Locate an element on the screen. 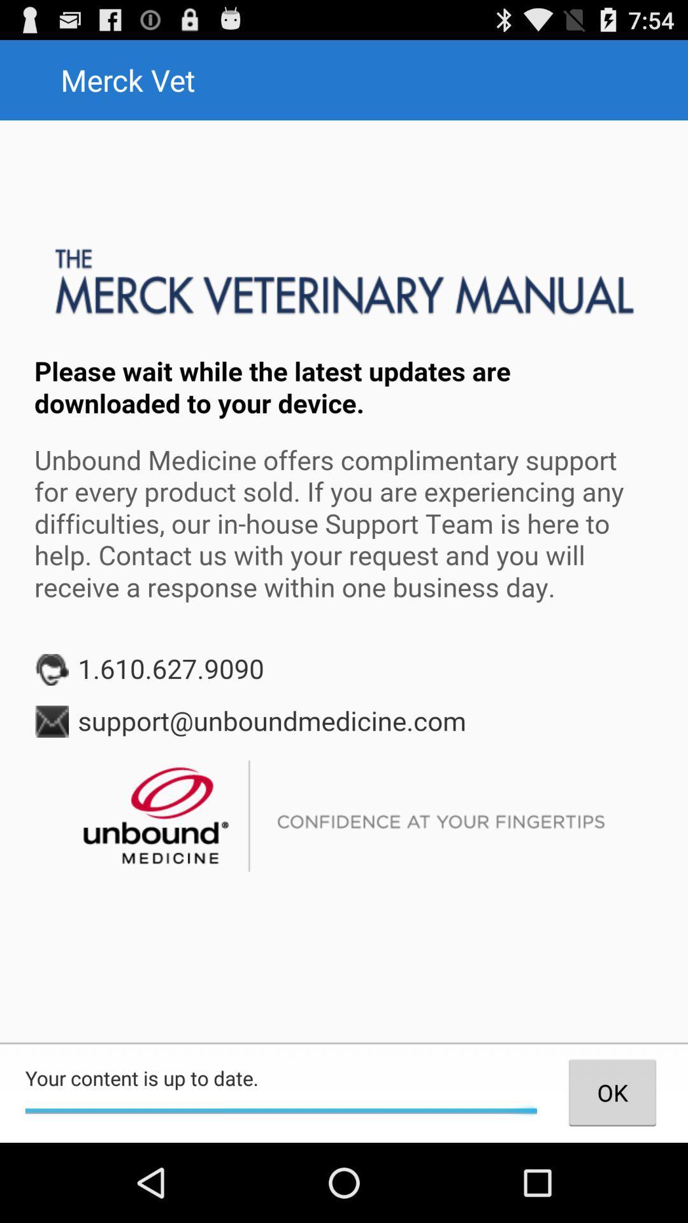 Image resolution: width=688 pixels, height=1223 pixels. redirection screen is located at coordinates (344, 580).